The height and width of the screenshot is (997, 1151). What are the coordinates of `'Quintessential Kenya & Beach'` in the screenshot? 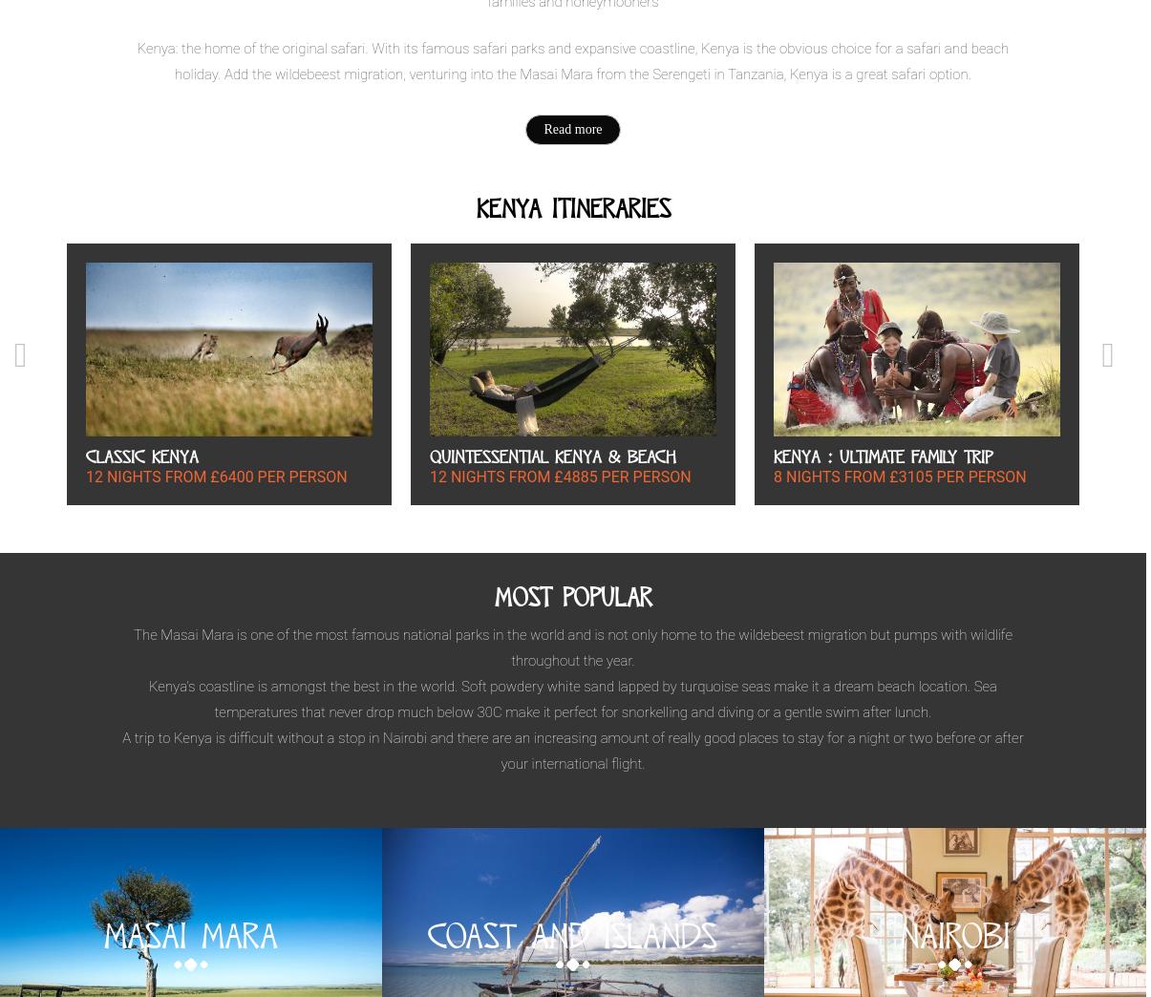 It's located at (552, 456).